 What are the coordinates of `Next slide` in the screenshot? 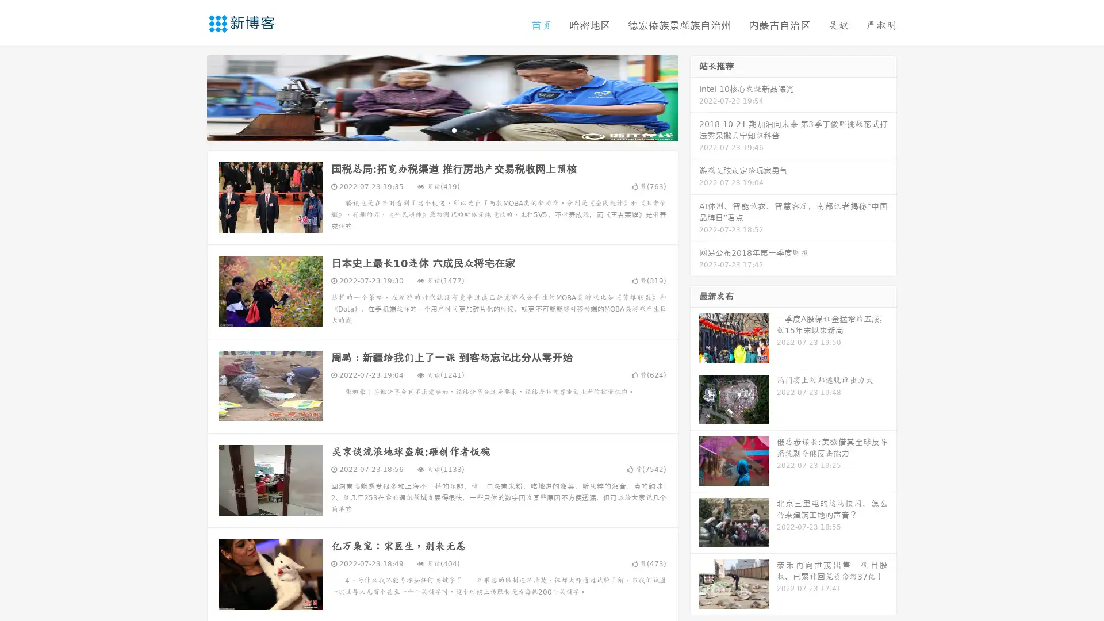 It's located at (695, 97).